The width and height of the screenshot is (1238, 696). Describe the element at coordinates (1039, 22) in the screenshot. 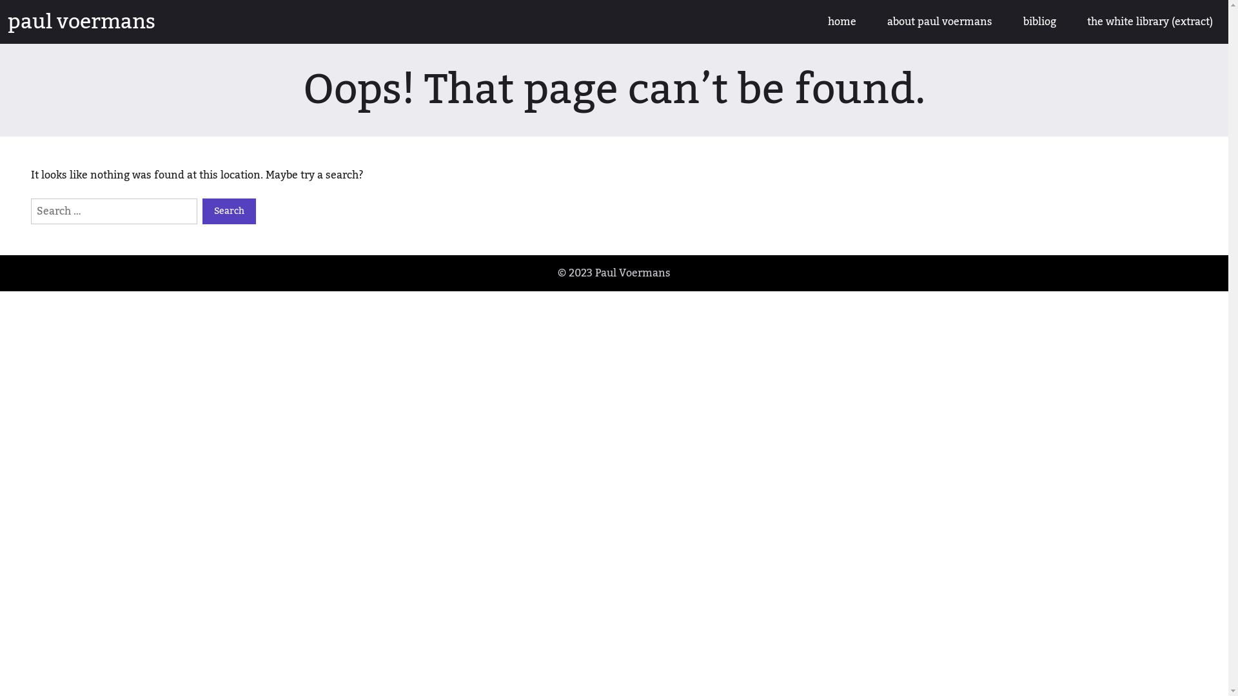

I see `'bibliog'` at that location.